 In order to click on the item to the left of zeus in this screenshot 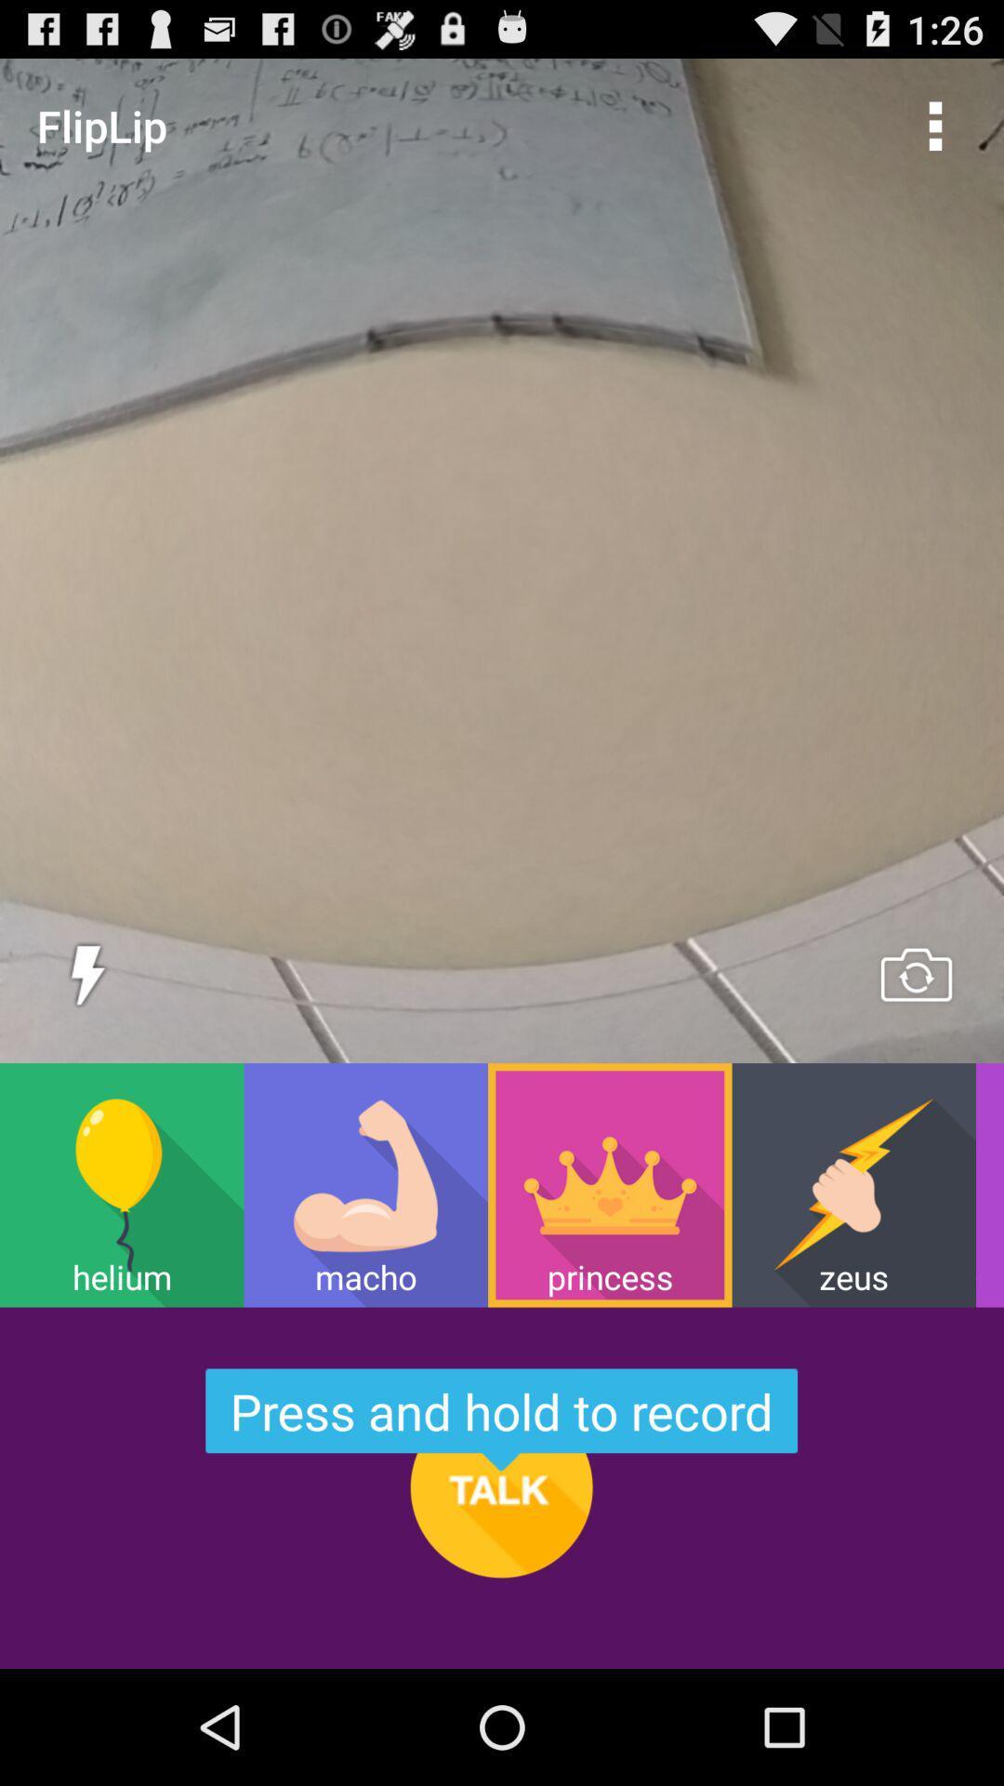, I will do `click(610, 1184)`.